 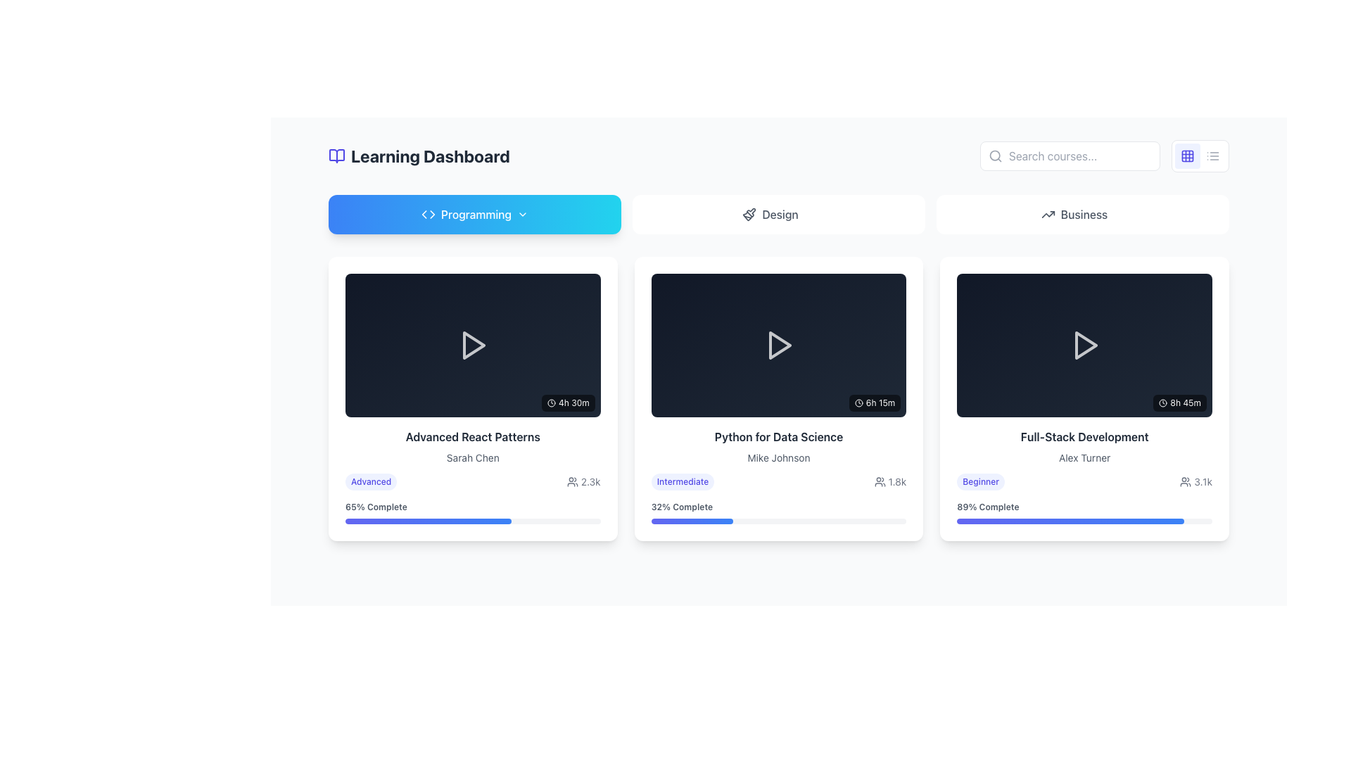 I want to click on the icon button in the top-right section of the interface, so click(x=1212, y=156).